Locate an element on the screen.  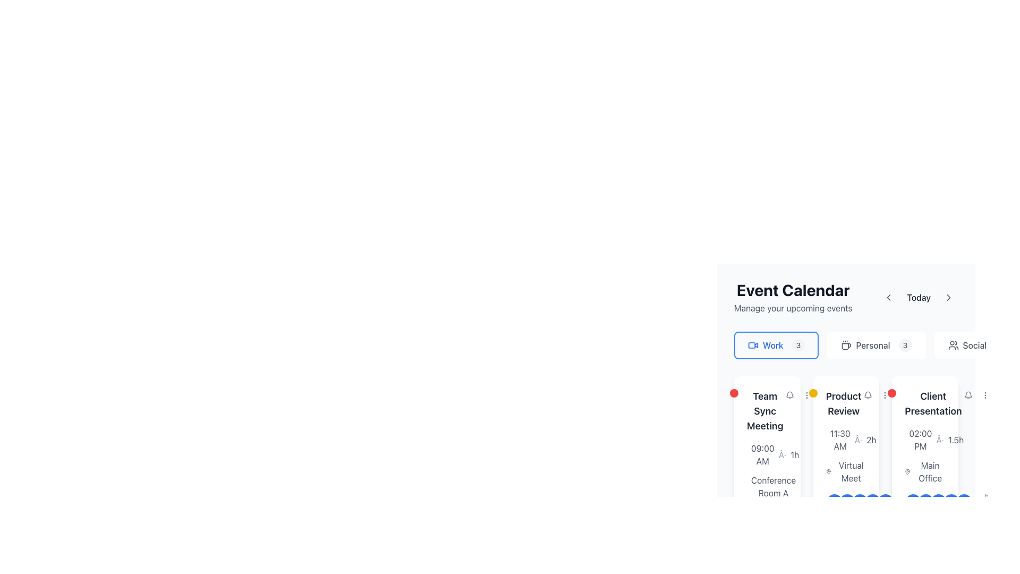
the circular badge with a bold white letter 'B' centered within it, which is the second icon from the left in the horizontal sequence located in the lower section of the event calendar interface is located at coordinates (925, 502).